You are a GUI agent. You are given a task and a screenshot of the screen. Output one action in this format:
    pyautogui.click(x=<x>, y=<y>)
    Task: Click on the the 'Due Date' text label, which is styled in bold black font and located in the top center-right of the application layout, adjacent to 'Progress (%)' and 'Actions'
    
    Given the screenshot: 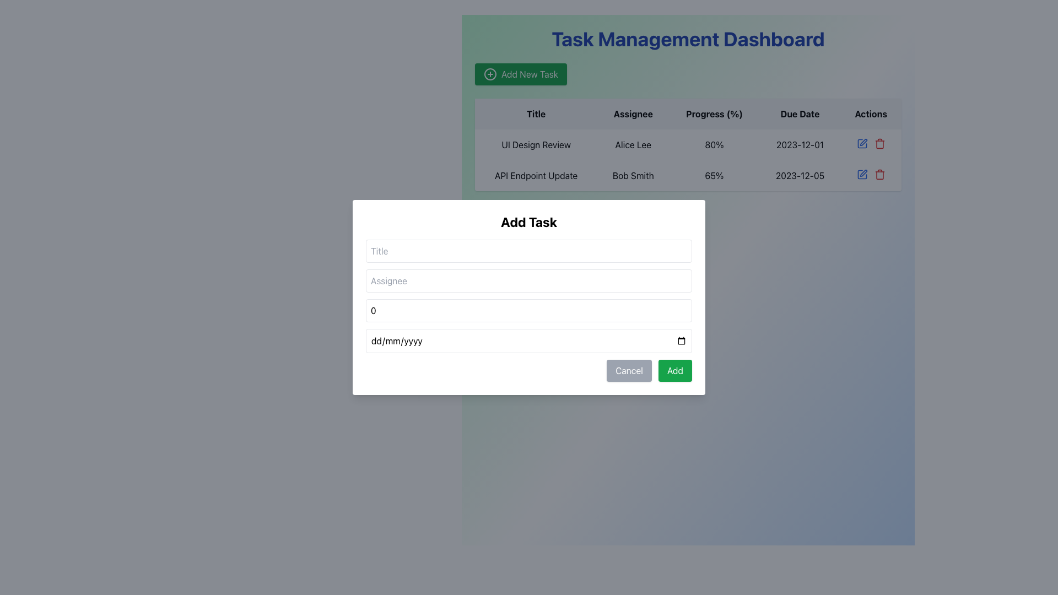 What is the action you would take?
    pyautogui.click(x=800, y=114)
    